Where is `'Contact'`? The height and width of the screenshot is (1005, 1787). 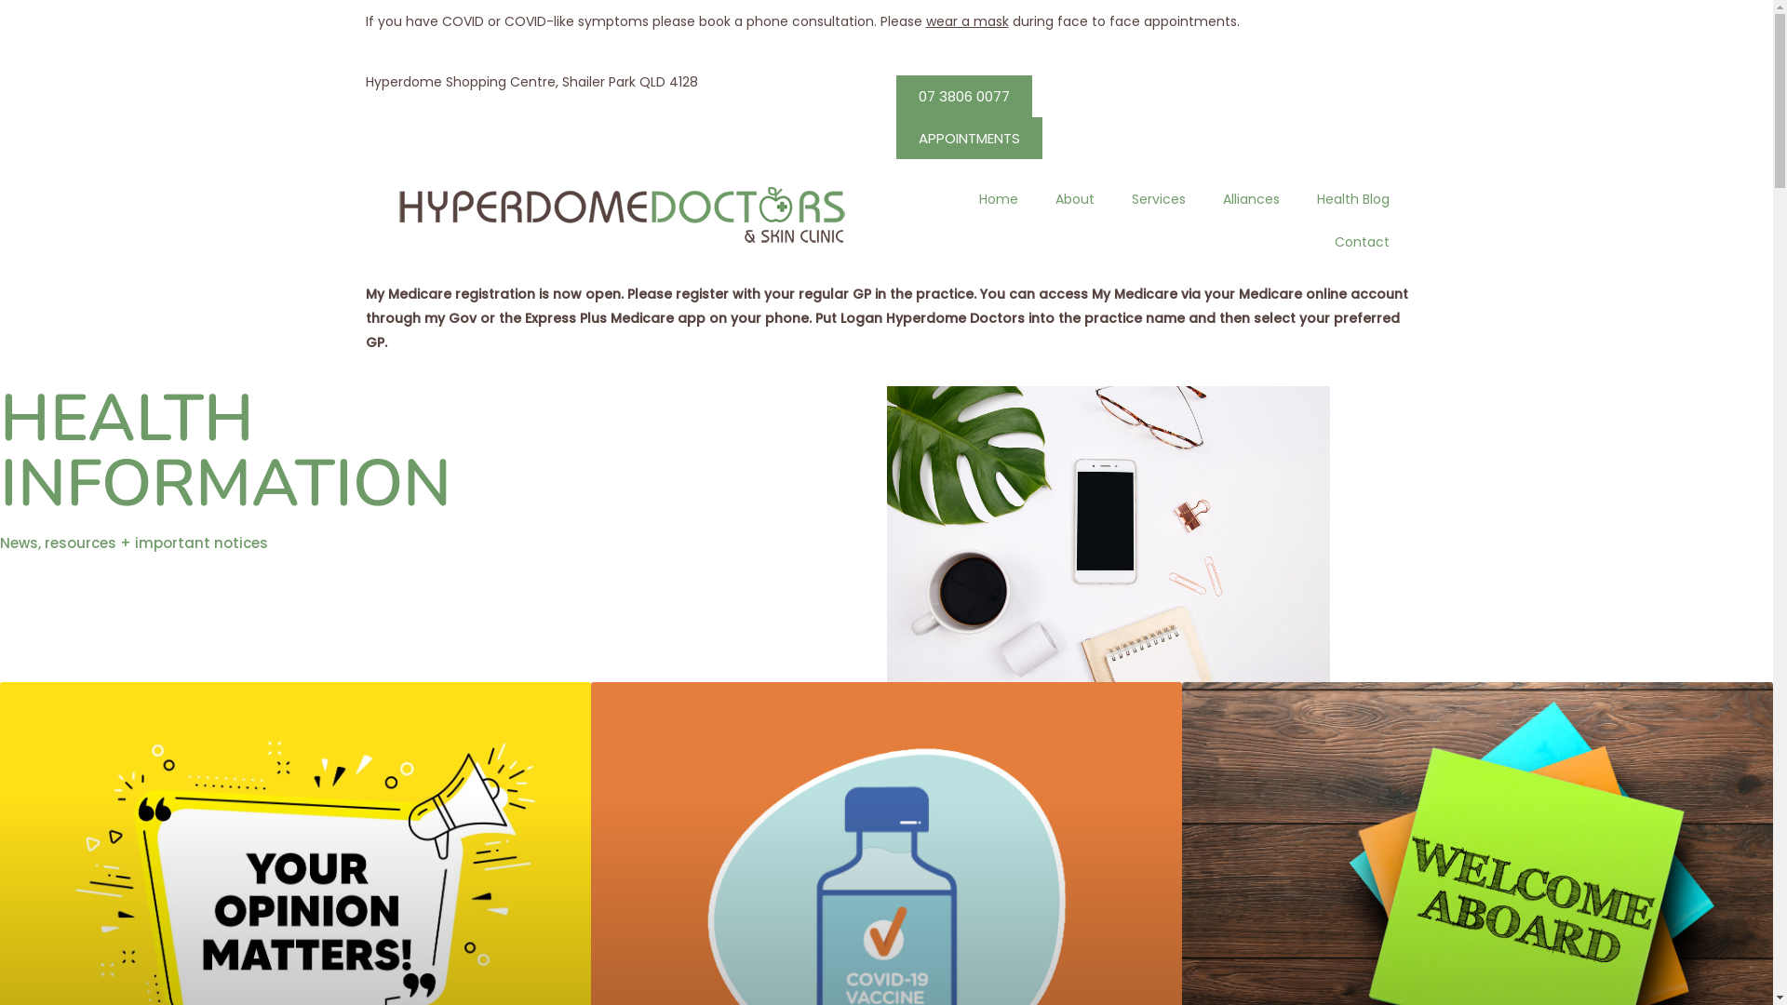
'Contact' is located at coordinates (1315, 239).